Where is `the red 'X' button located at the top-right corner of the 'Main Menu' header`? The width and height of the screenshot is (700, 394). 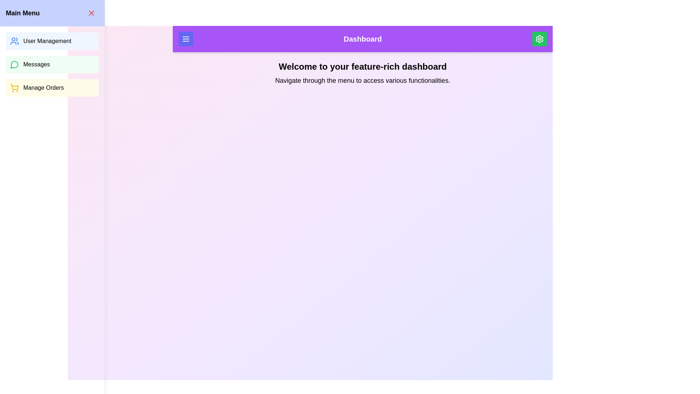 the red 'X' button located at the top-right corner of the 'Main Menu' header is located at coordinates (91, 13).